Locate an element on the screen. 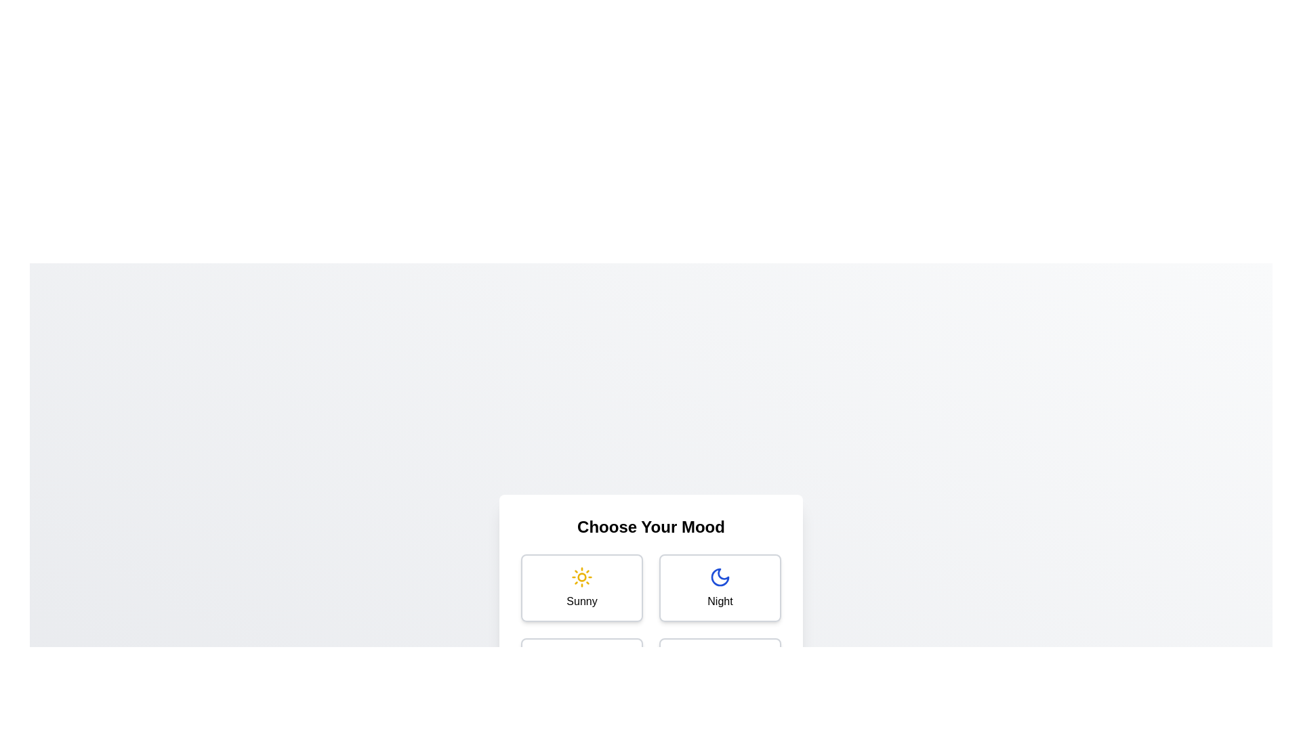  the mood Night by clicking on its corresponding option is located at coordinates (719, 587).